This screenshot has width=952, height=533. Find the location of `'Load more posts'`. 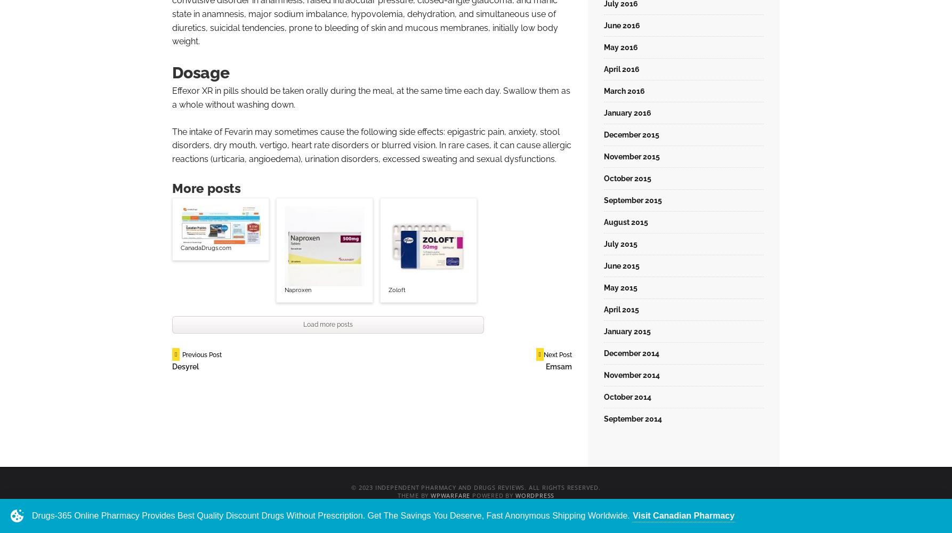

'Load more posts' is located at coordinates (328, 324).